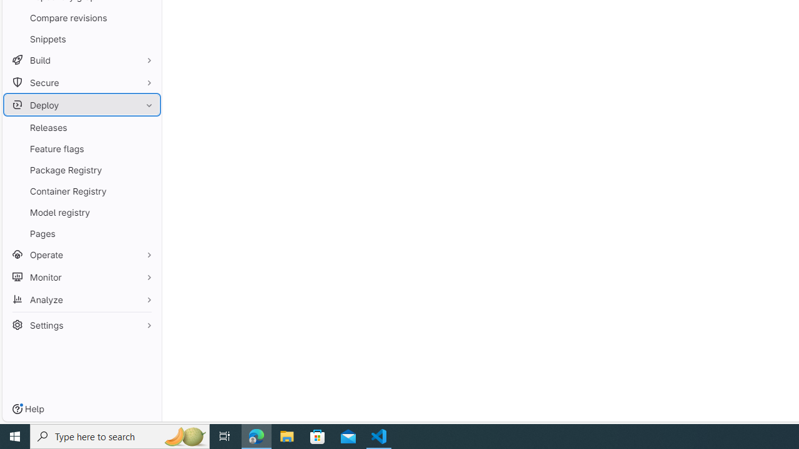 The image size is (799, 449). I want to click on 'Feature flags', so click(81, 148).